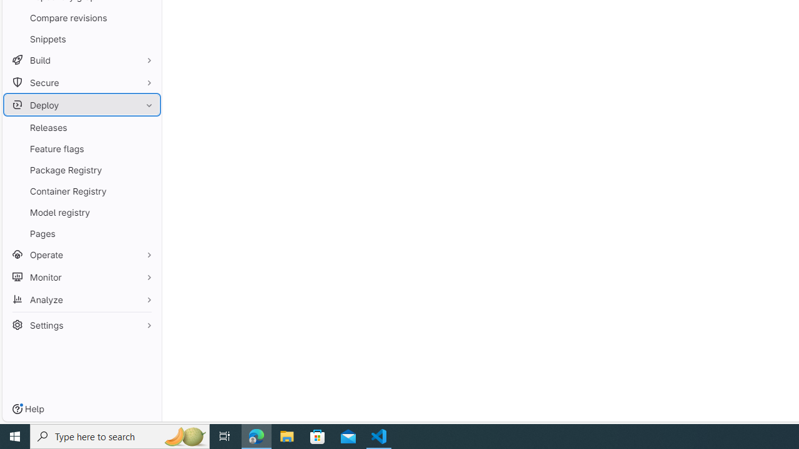 The image size is (799, 449). I want to click on 'Feature flags', so click(81, 148).